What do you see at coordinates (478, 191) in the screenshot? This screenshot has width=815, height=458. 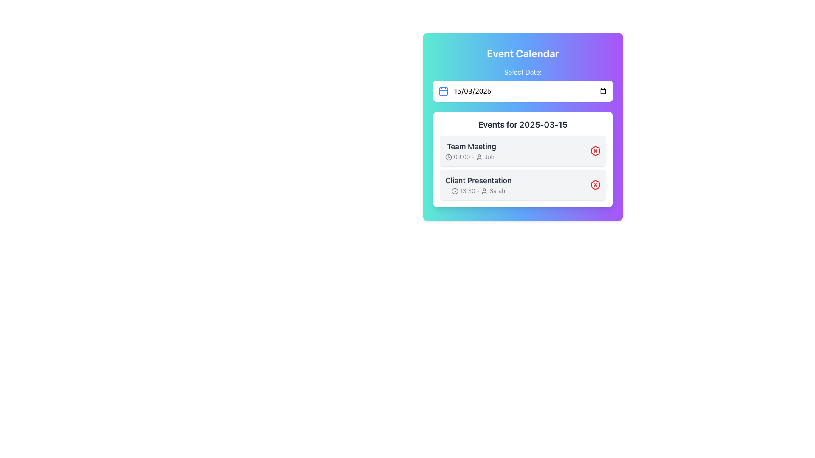 I see `text displaying the schedule time and name ('13:30 - Sarah') which is part of the 'Client Presentation' section in the event calendar` at bounding box center [478, 191].